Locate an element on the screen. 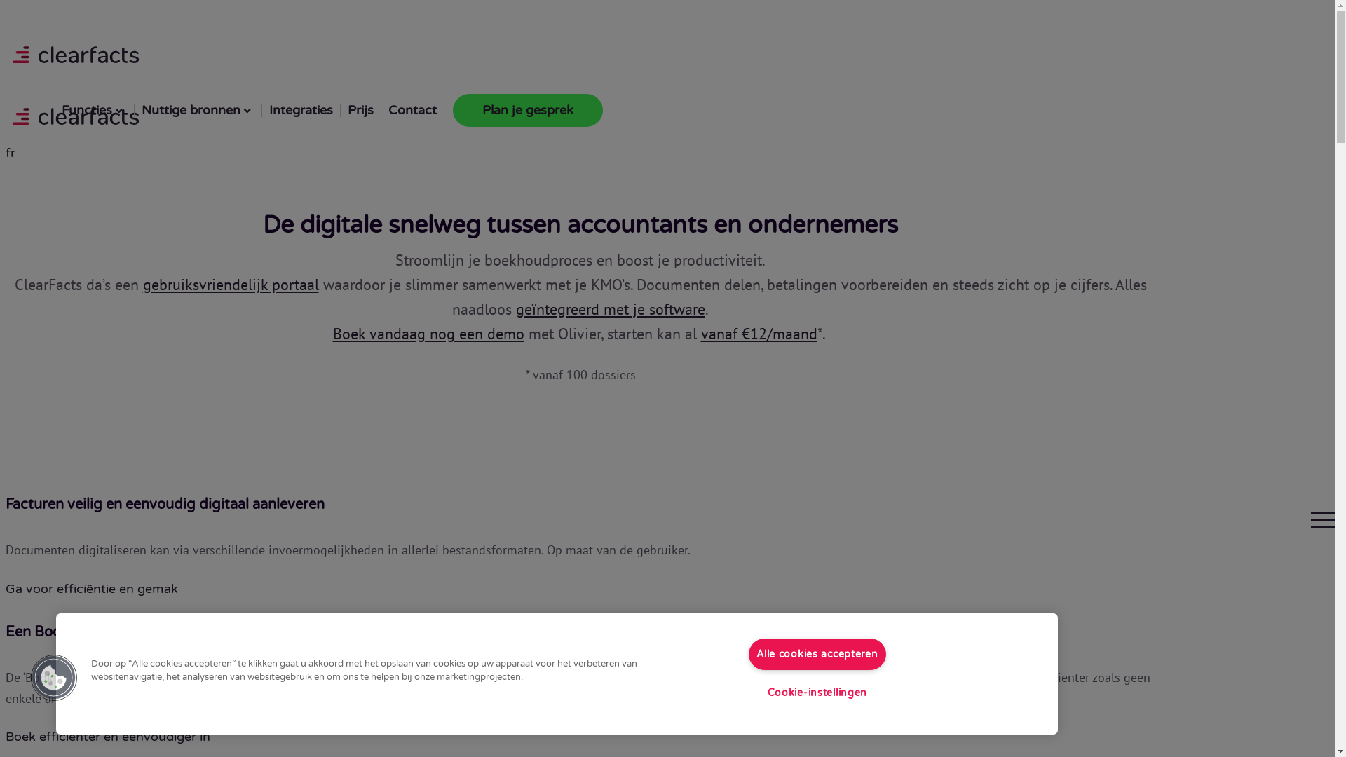 This screenshot has height=757, width=1346. 'gebruiksvriendelijk portaal' is located at coordinates (142, 284).